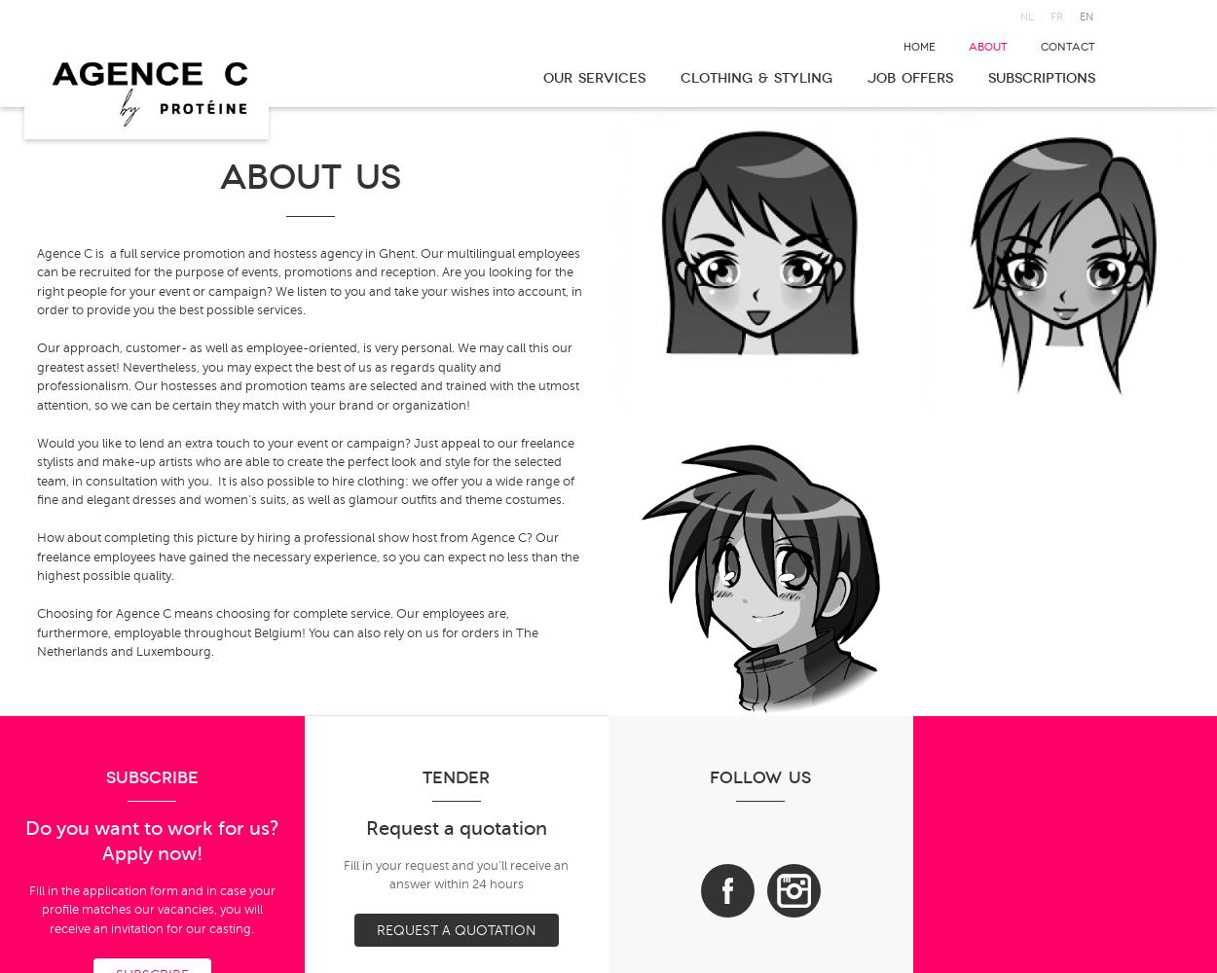 Image resolution: width=1217 pixels, height=973 pixels. What do you see at coordinates (304, 470) in the screenshot?
I see `'Would you like to lend an extra touch to your event or campaign? Just appeal to our freelance stylists and make-up artists who are able to create the perfect look and style for the selected team, in consultation with you.  It is also possible to hire clothing: we offer you a wide range of fine and elegant dresses and women's suits, as well as glamour outfits and theme costumes.'` at bounding box center [304, 470].